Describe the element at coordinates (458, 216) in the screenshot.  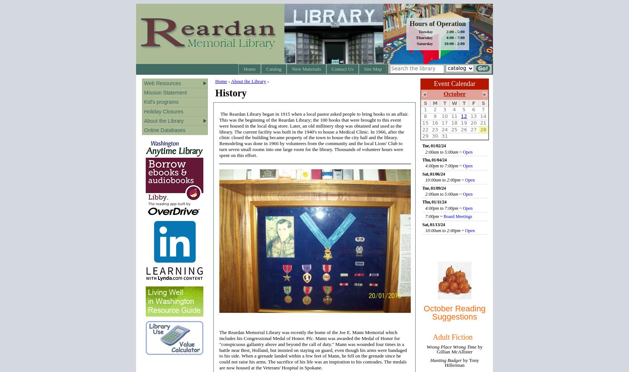
I see `'Board Meetings'` at that location.